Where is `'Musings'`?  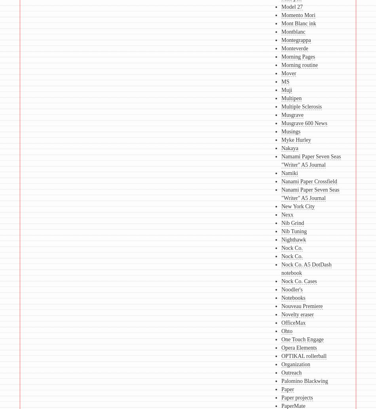
'Musings' is located at coordinates (290, 131).